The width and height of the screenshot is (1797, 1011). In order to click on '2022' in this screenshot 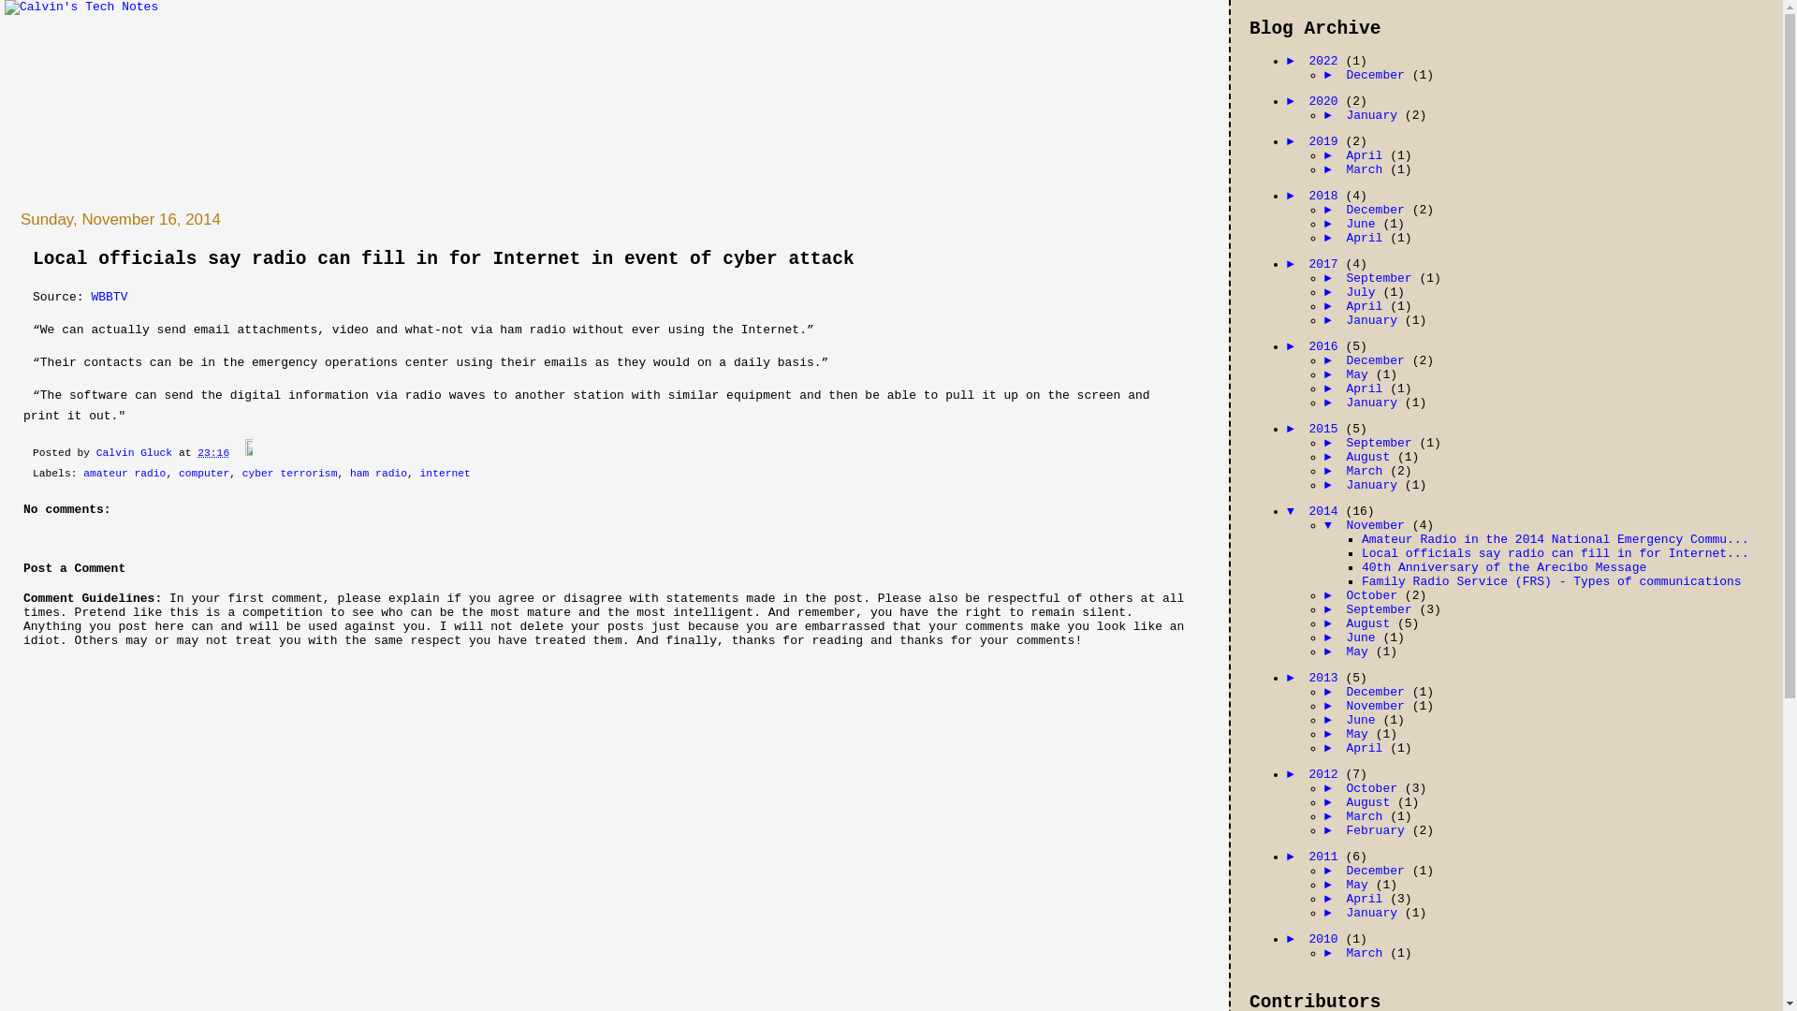, I will do `click(1325, 60)`.